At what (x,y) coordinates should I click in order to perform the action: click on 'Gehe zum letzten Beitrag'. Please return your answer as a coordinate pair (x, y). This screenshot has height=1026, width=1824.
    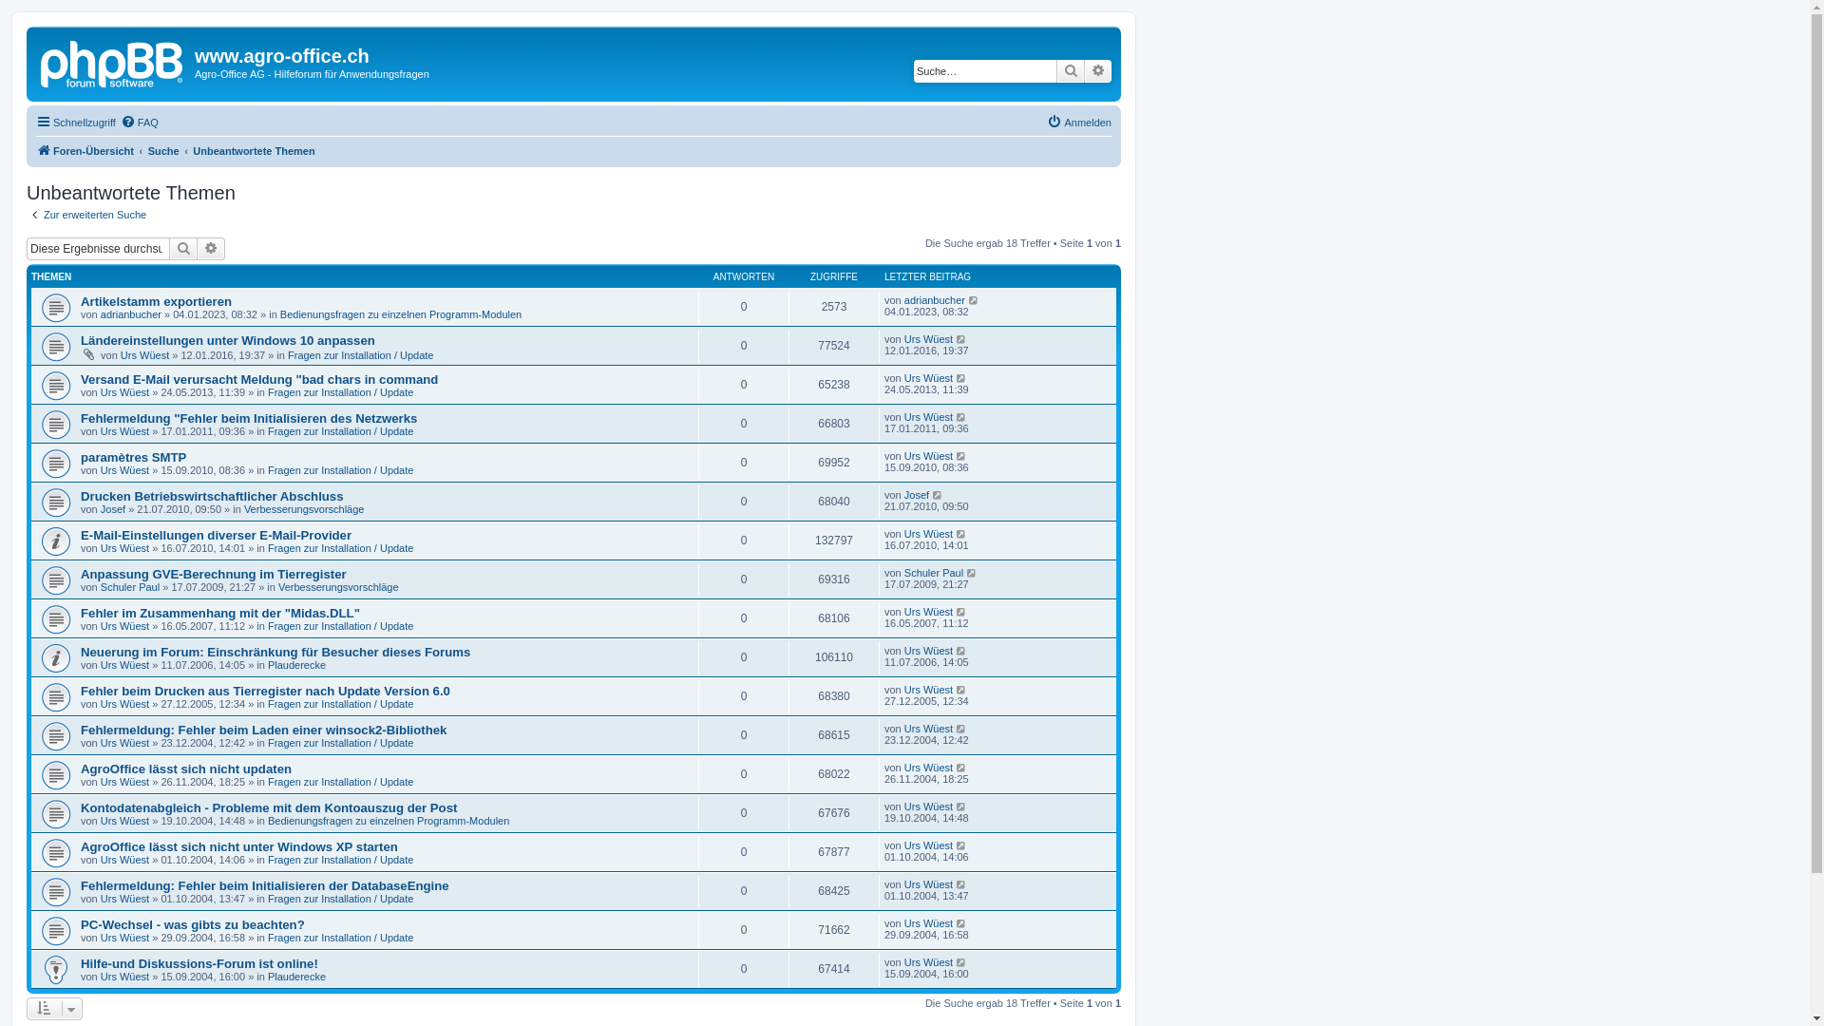
    Looking at the image, I should click on (961, 728).